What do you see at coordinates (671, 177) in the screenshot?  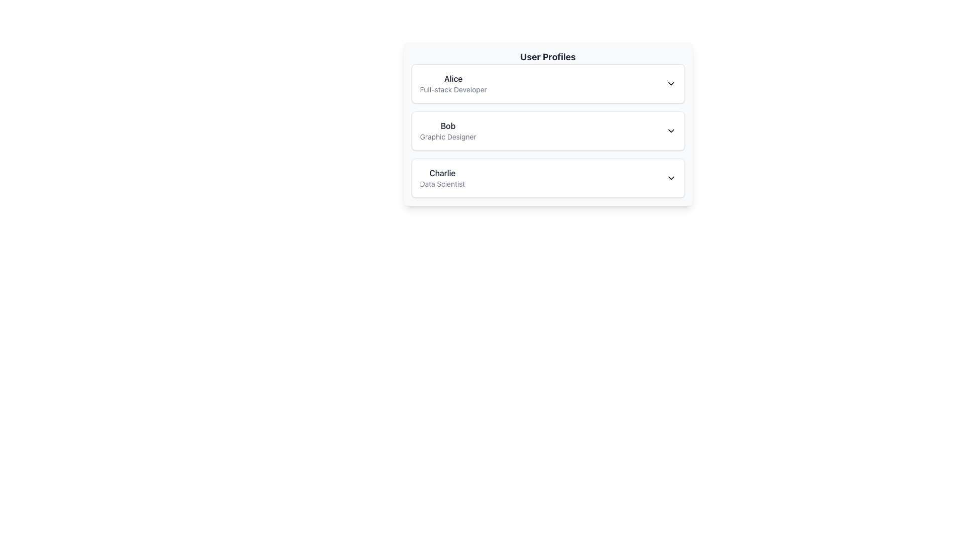 I see `the downward chevron icon` at bounding box center [671, 177].